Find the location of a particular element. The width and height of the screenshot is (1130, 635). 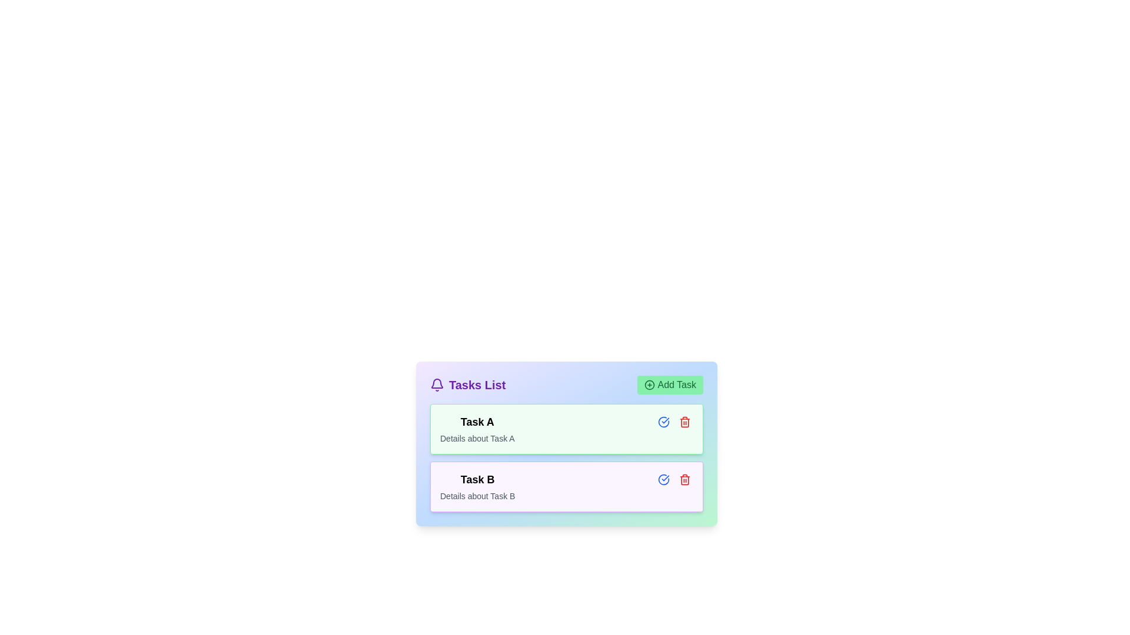

the Trash Bin icon is located at coordinates (684, 421).